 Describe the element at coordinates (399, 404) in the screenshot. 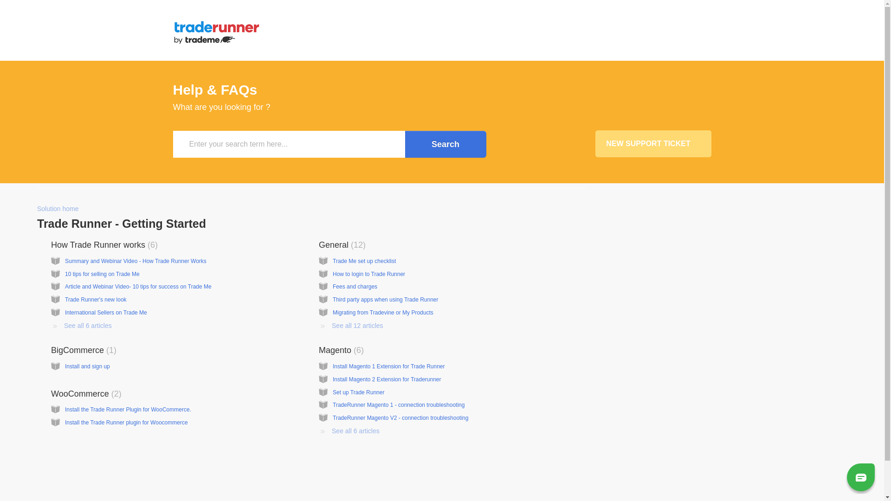

I see `'TradeRunner Magento 1 - connection troubleshooting'` at that location.